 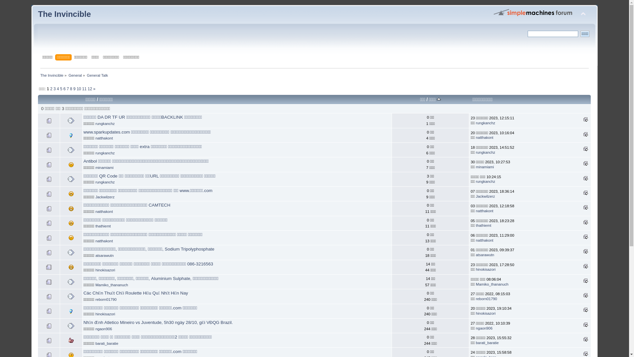 What do you see at coordinates (103, 329) in the screenshot?
I see `'ngaon906'` at bounding box center [103, 329].